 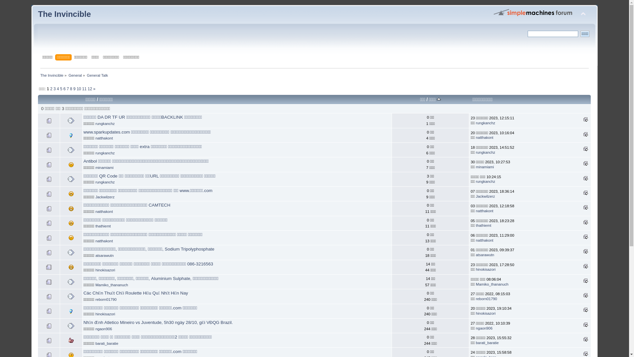 What do you see at coordinates (103, 329) in the screenshot?
I see `'ngaon906'` at bounding box center [103, 329].